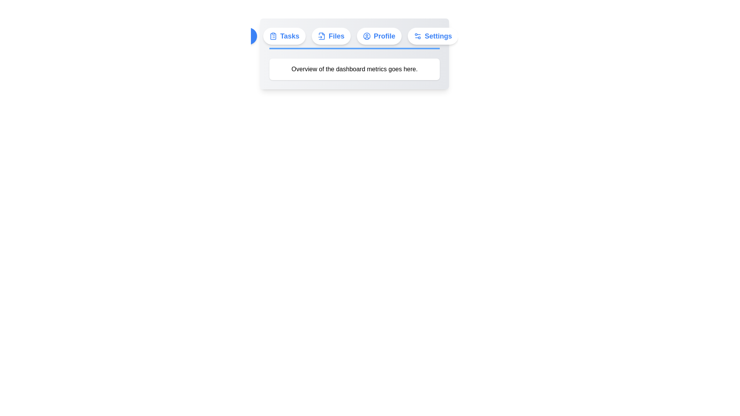 This screenshot has height=416, width=740. Describe the element at coordinates (321, 36) in the screenshot. I see `the leftmost file-related icon located inside the 'Files' button, which is positioned to the right of the 'Tasks' button in the top menu bar` at that location.